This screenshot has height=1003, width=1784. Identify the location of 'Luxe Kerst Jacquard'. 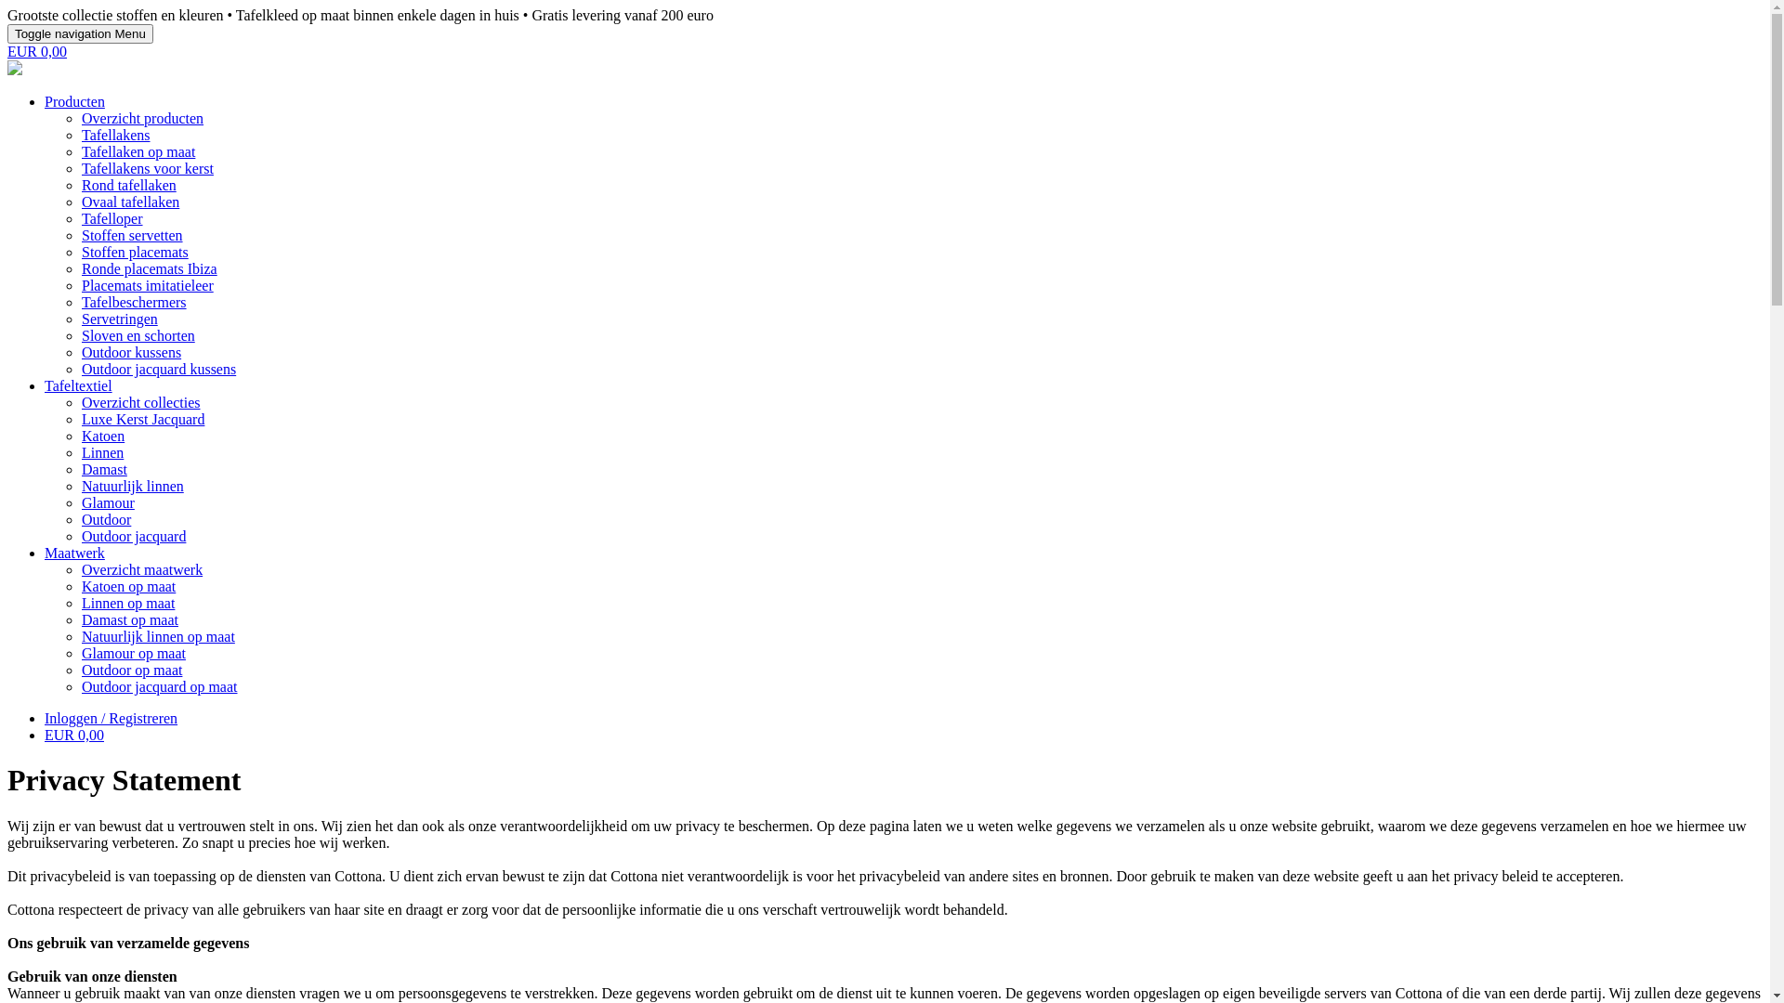
(141, 419).